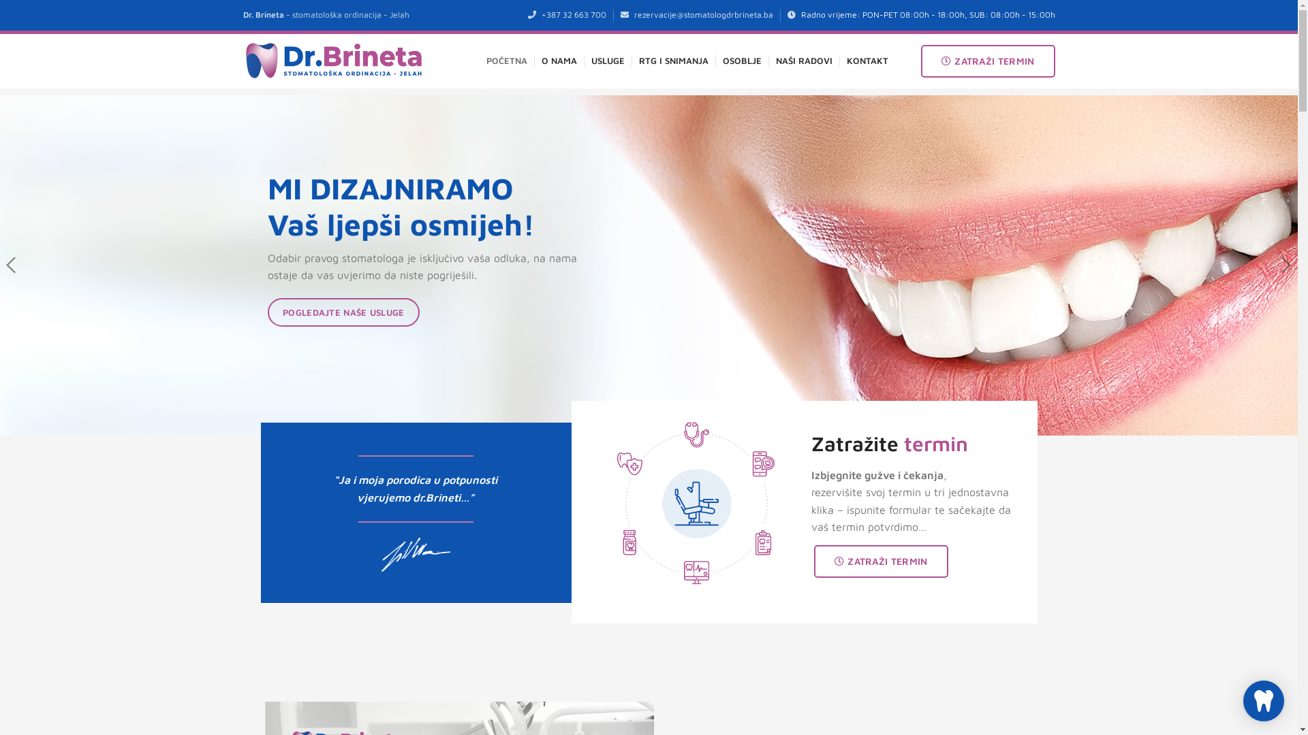  I want to click on 'USLUGE', so click(607, 60).